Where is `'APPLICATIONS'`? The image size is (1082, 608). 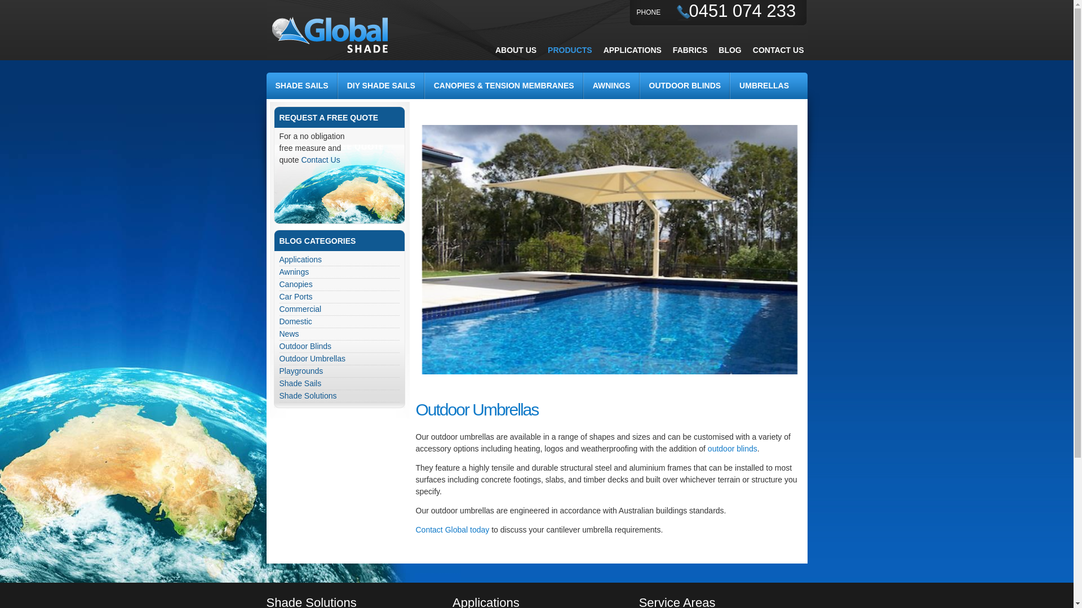 'APPLICATIONS' is located at coordinates (632, 49).